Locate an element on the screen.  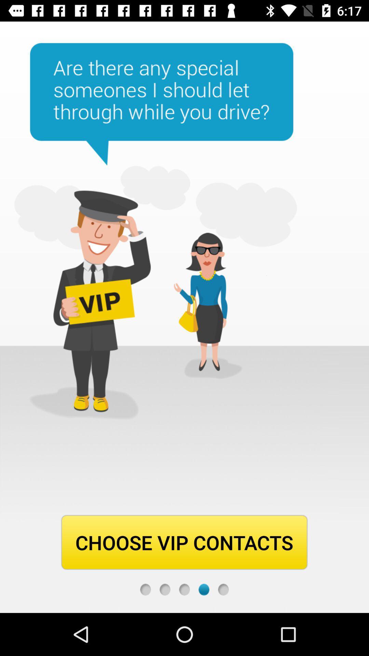
next is located at coordinates (223, 589).